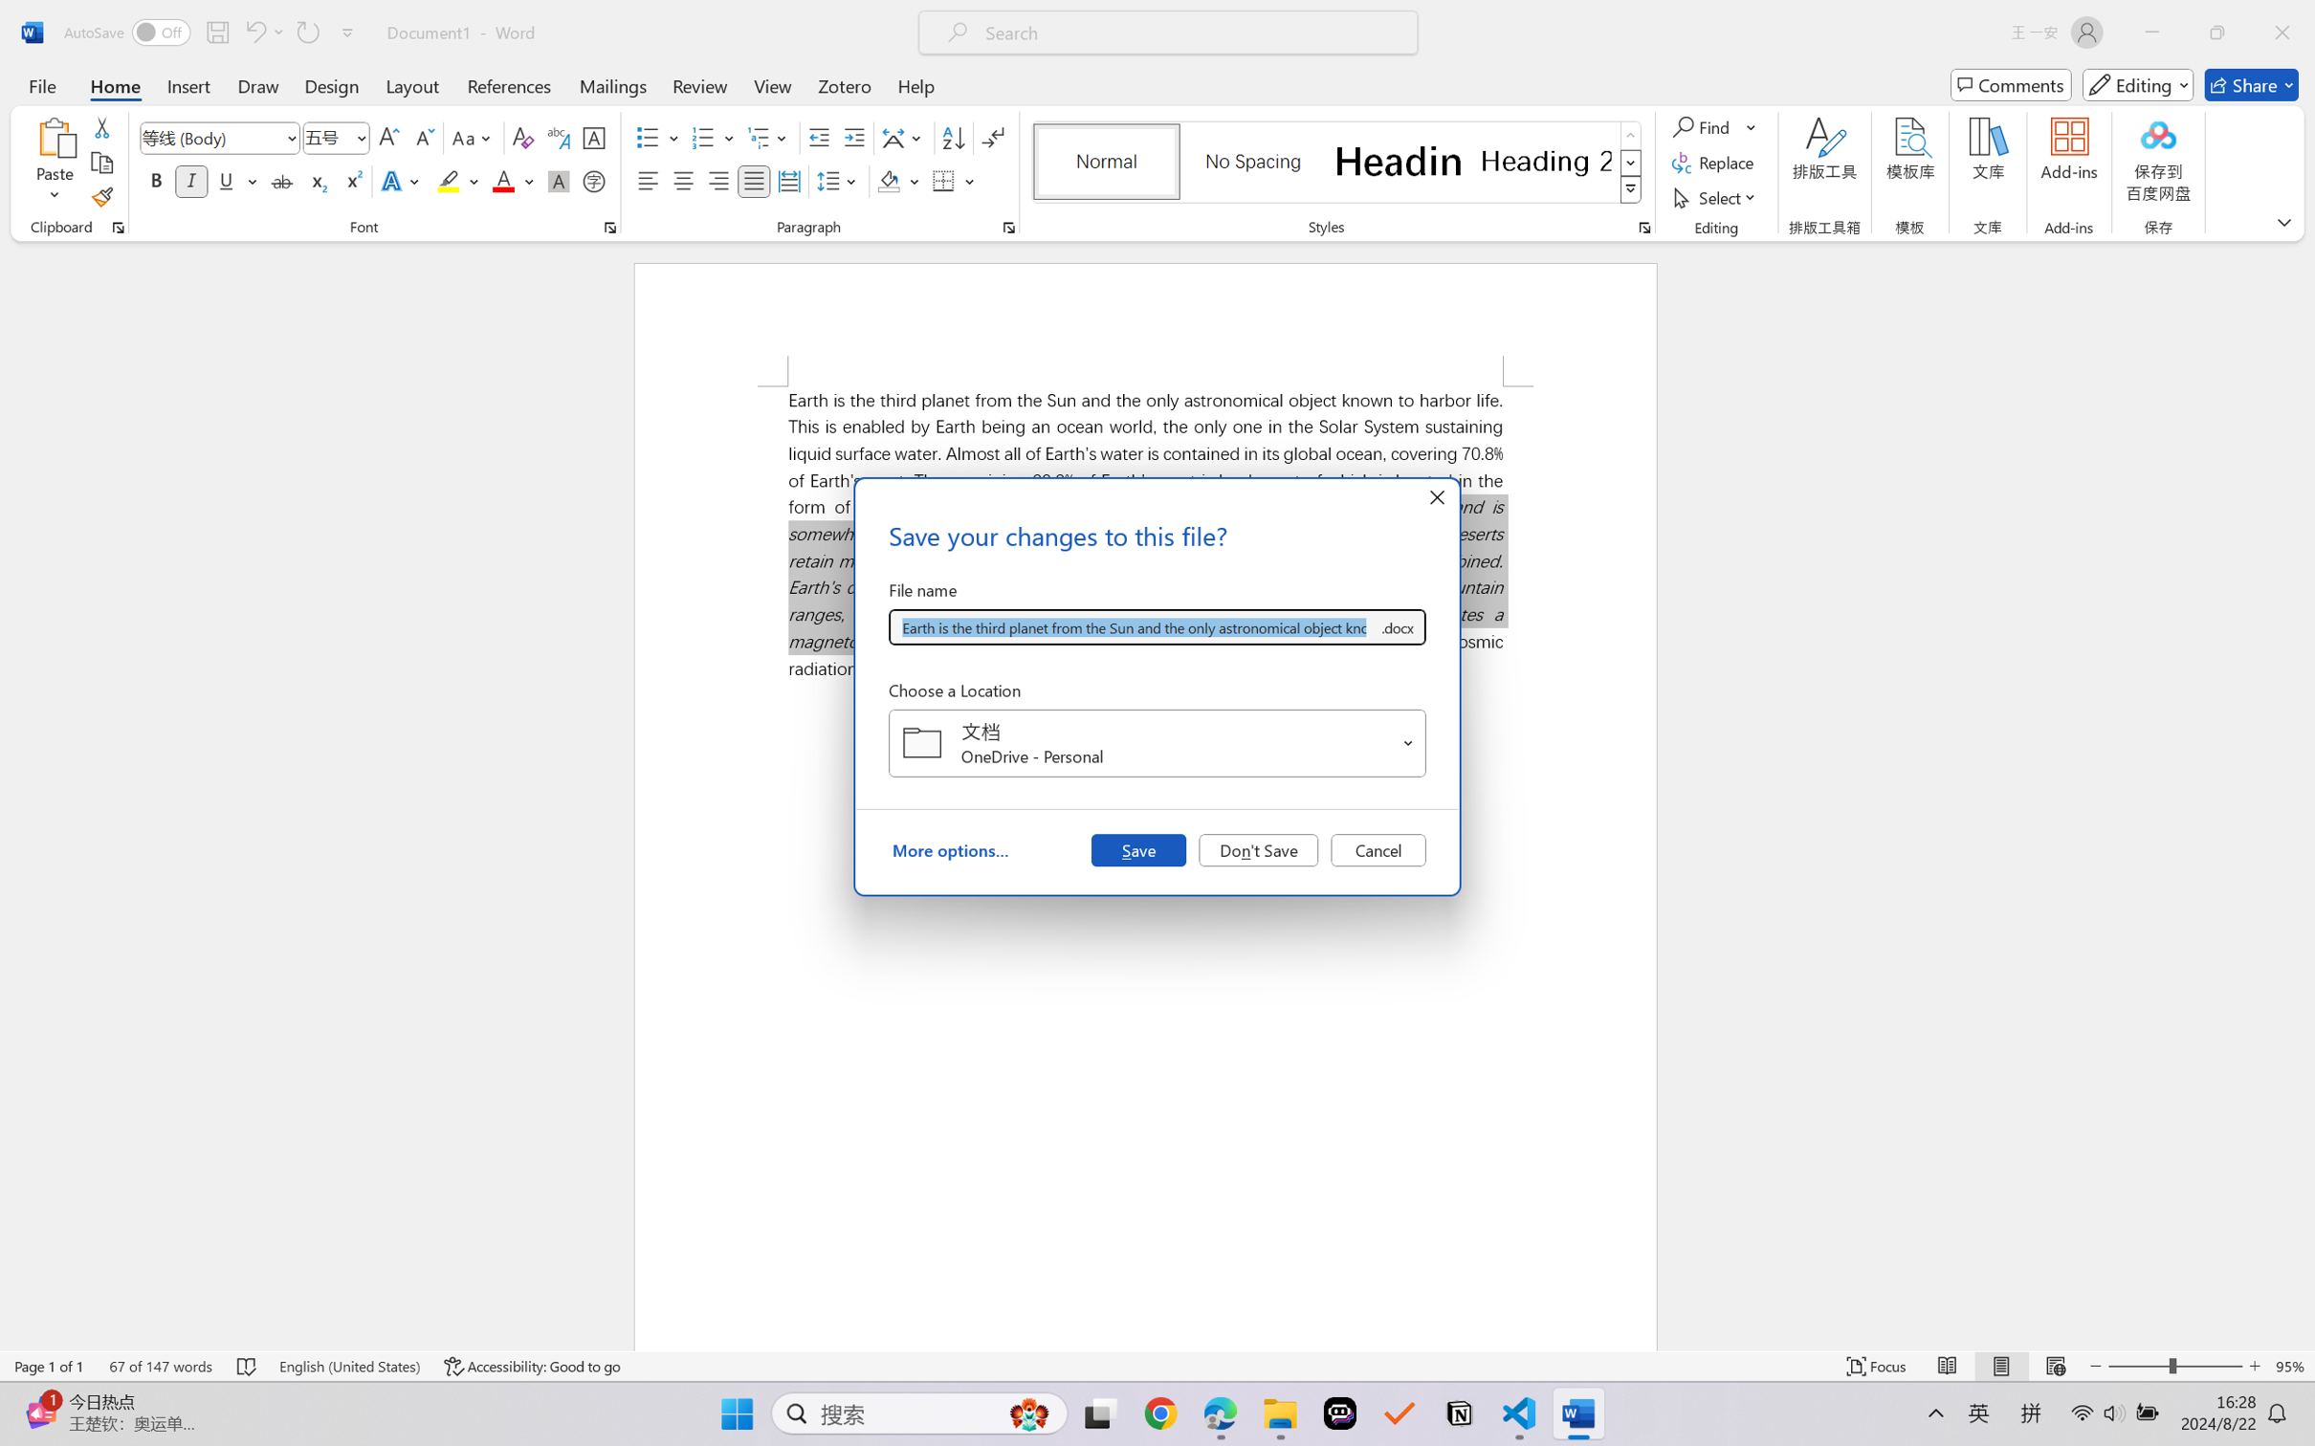  Describe the element at coordinates (316, 180) in the screenshot. I see `'Subscript'` at that location.